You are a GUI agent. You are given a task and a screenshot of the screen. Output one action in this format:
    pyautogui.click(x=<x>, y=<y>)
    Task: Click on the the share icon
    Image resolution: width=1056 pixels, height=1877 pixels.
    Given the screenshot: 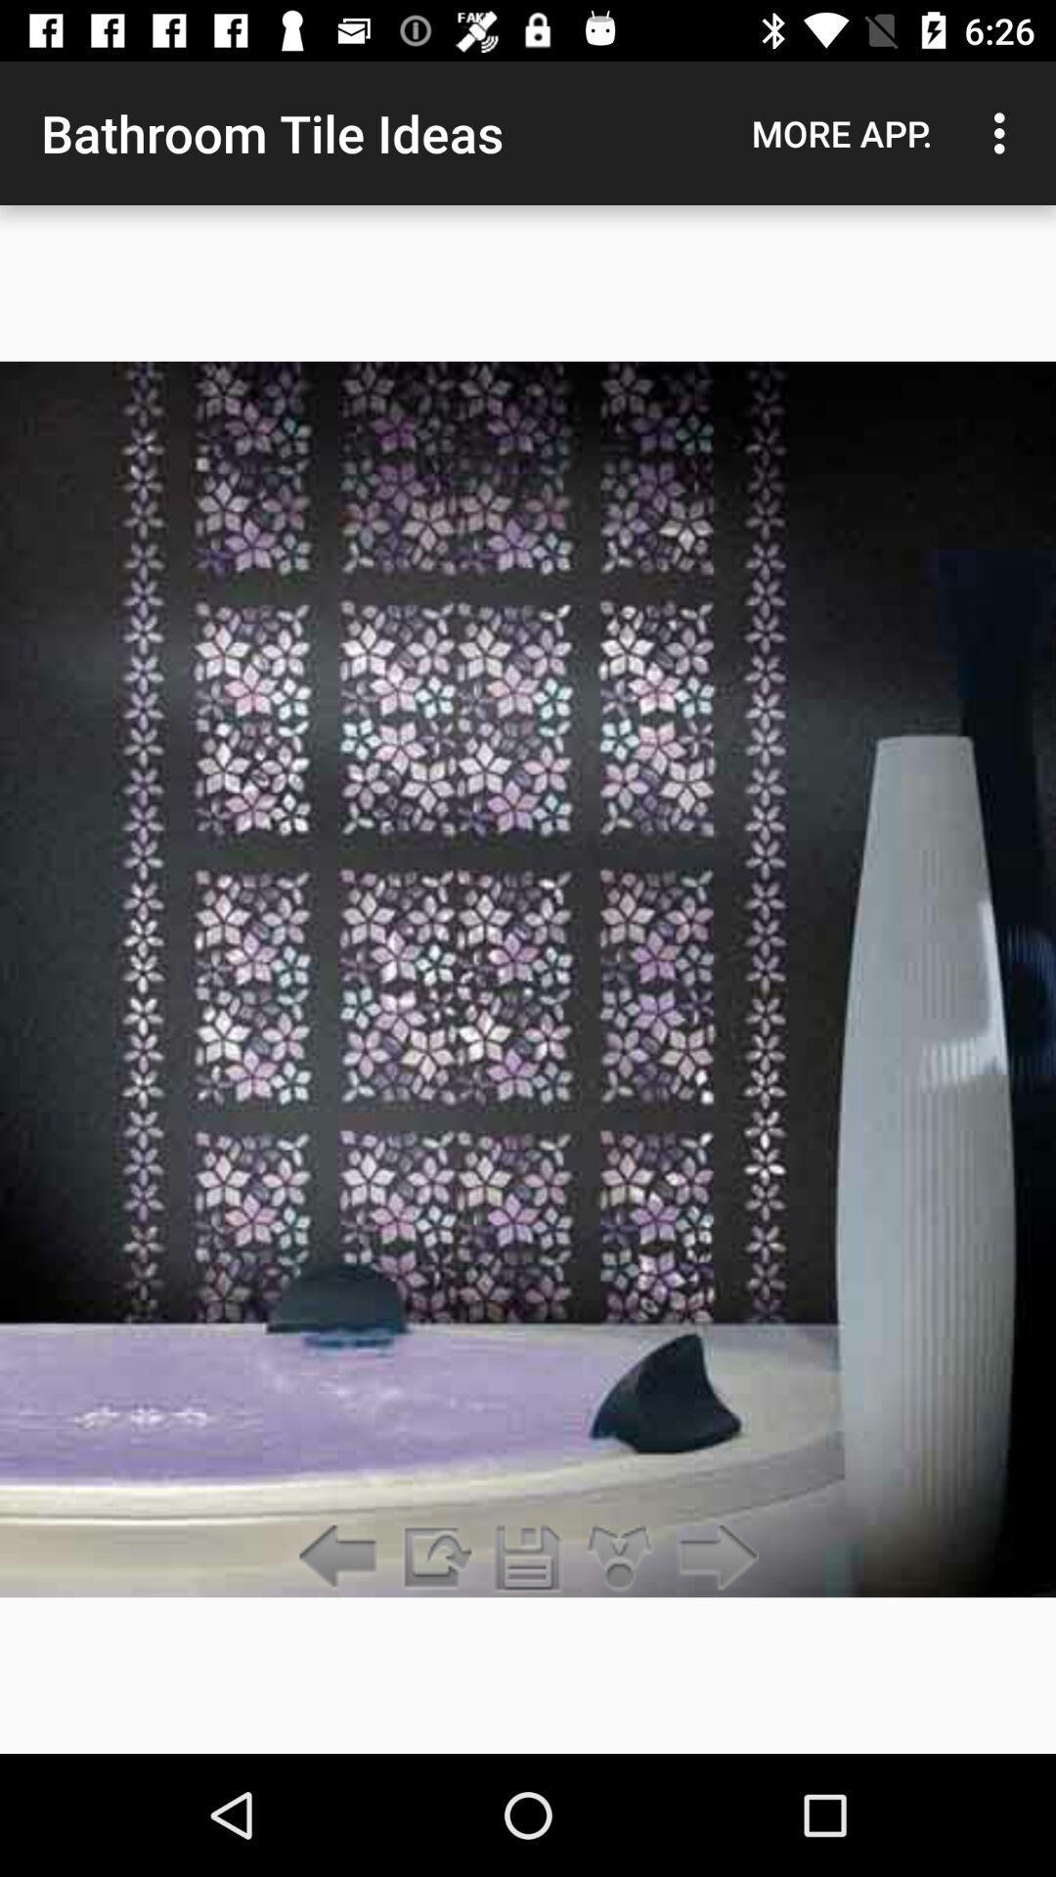 What is the action you would take?
    pyautogui.click(x=620, y=1557)
    